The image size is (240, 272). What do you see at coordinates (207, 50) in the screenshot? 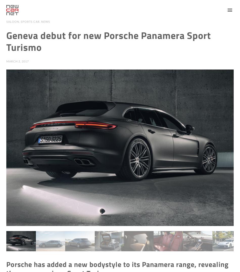
I see `'Buying Guides'` at bounding box center [207, 50].